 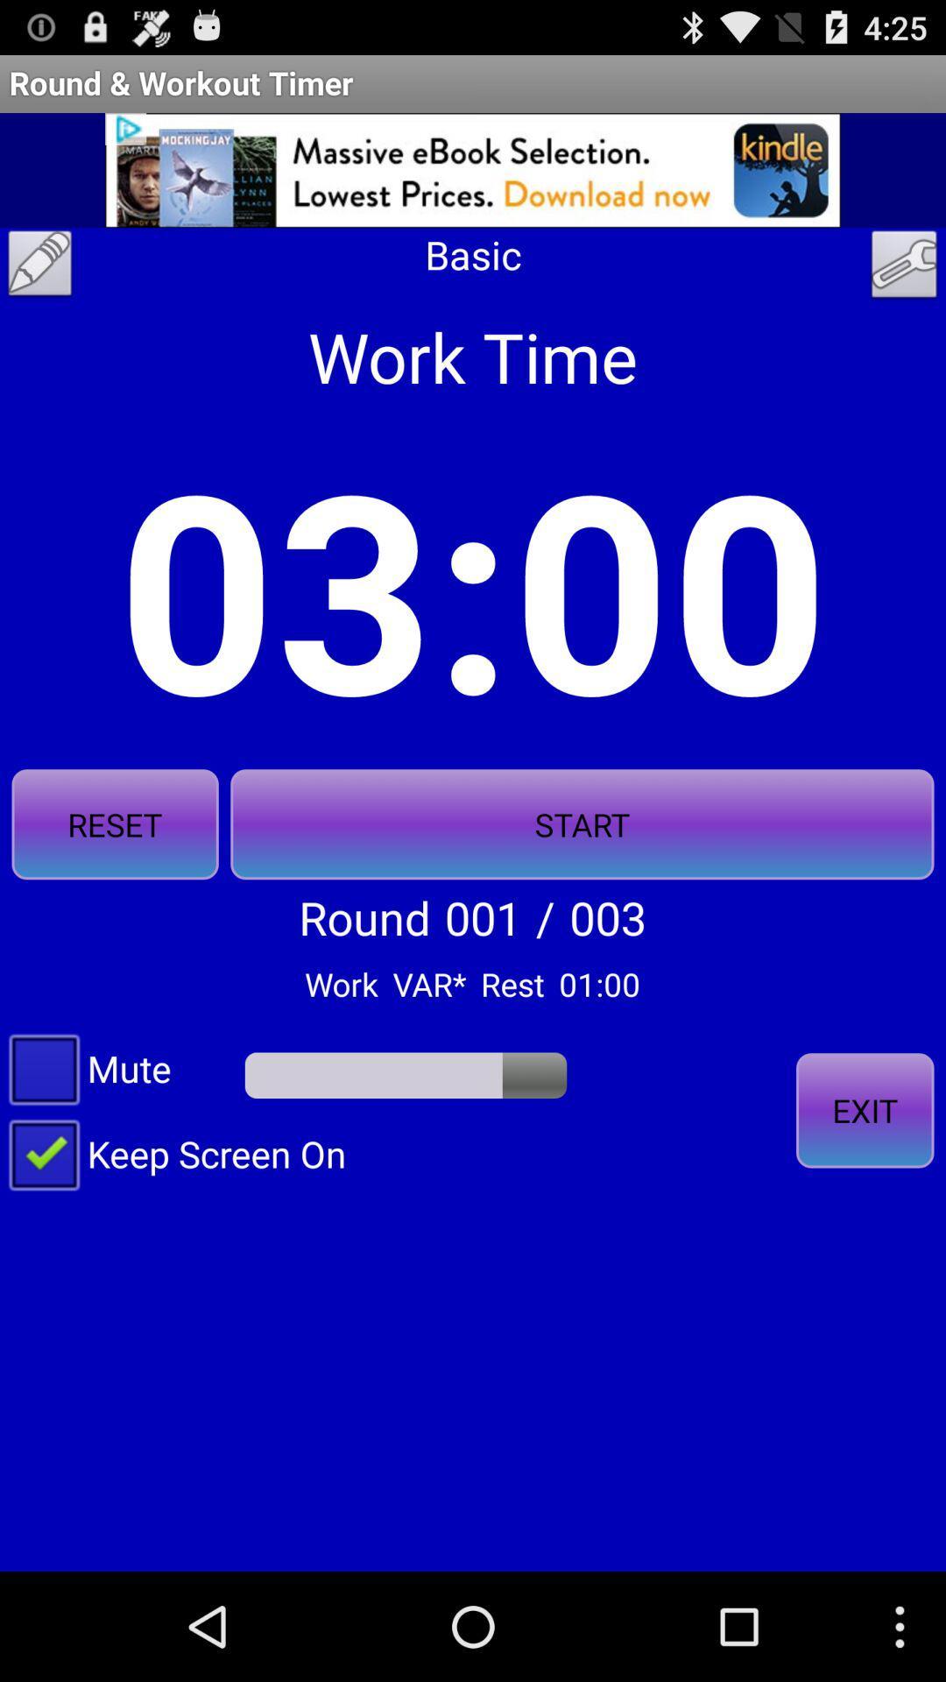 What do you see at coordinates (115, 823) in the screenshot?
I see `app below the 03:00` at bounding box center [115, 823].